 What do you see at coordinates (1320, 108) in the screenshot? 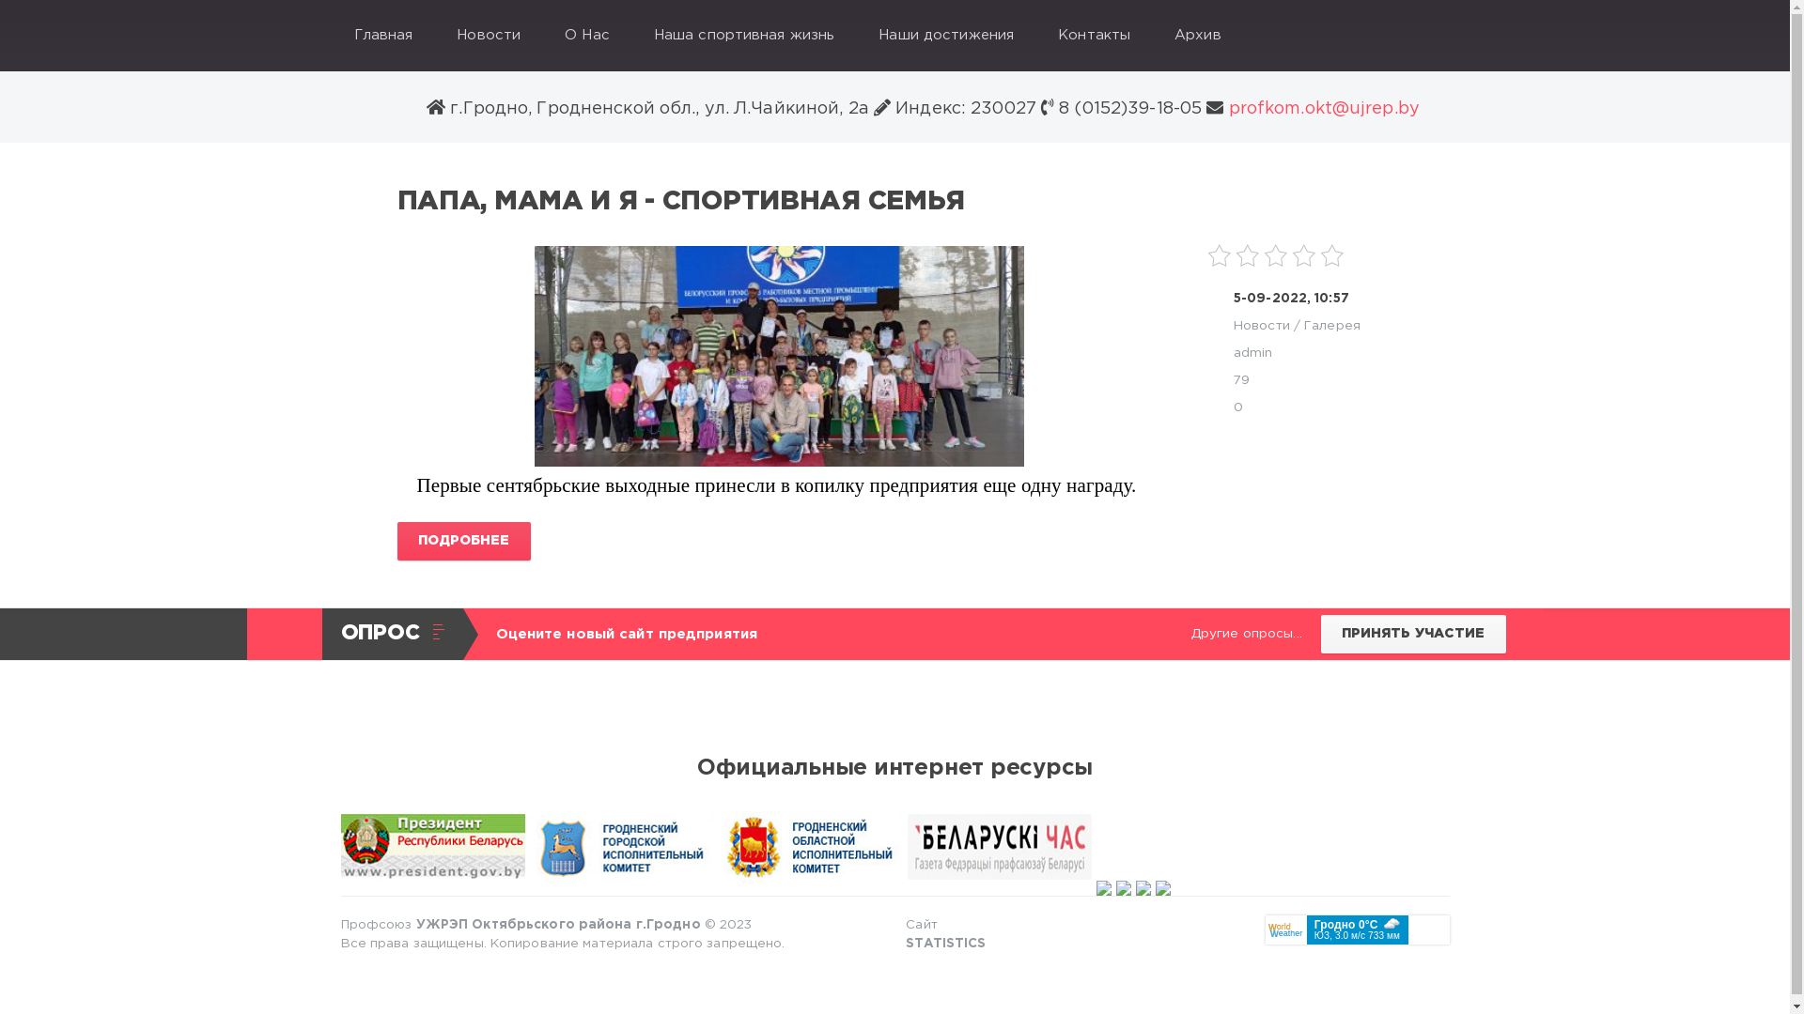
I see `'profkom.okt@ujrep.by'` at bounding box center [1320, 108].